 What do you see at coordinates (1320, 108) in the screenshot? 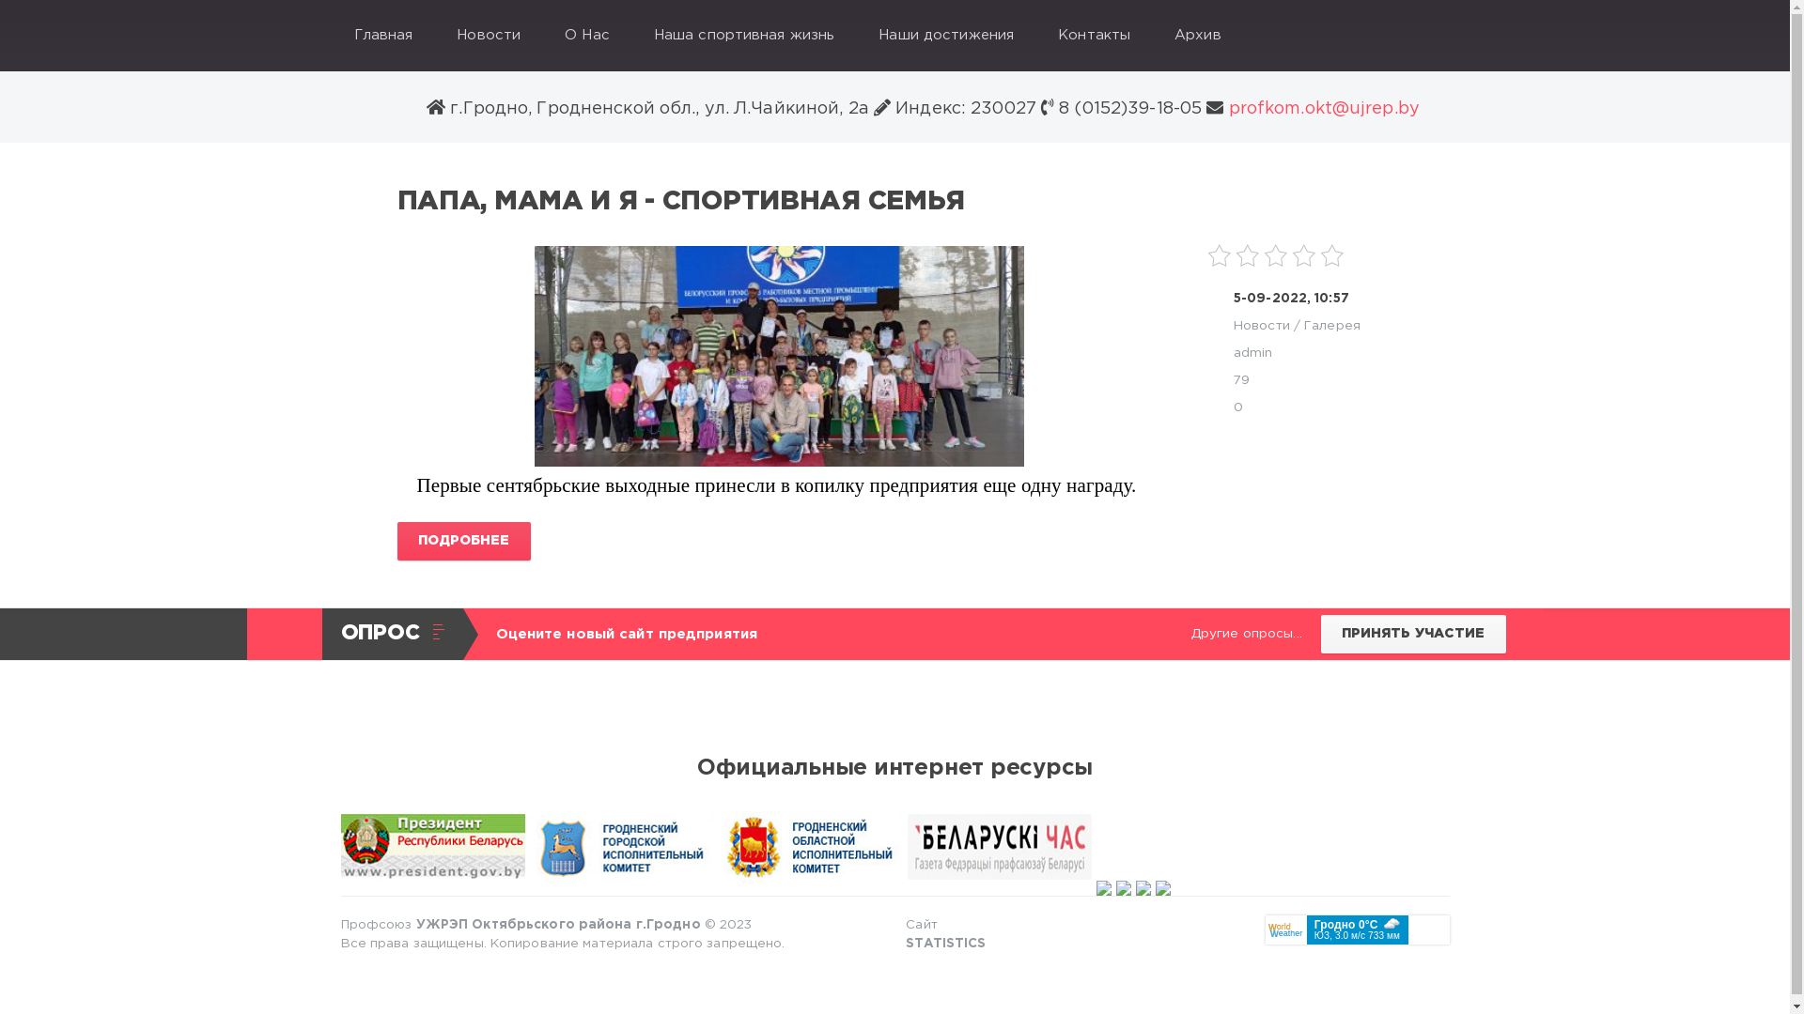
I see `'profkom.okt@ujrep.by'` at bounding box center [1320, 108].